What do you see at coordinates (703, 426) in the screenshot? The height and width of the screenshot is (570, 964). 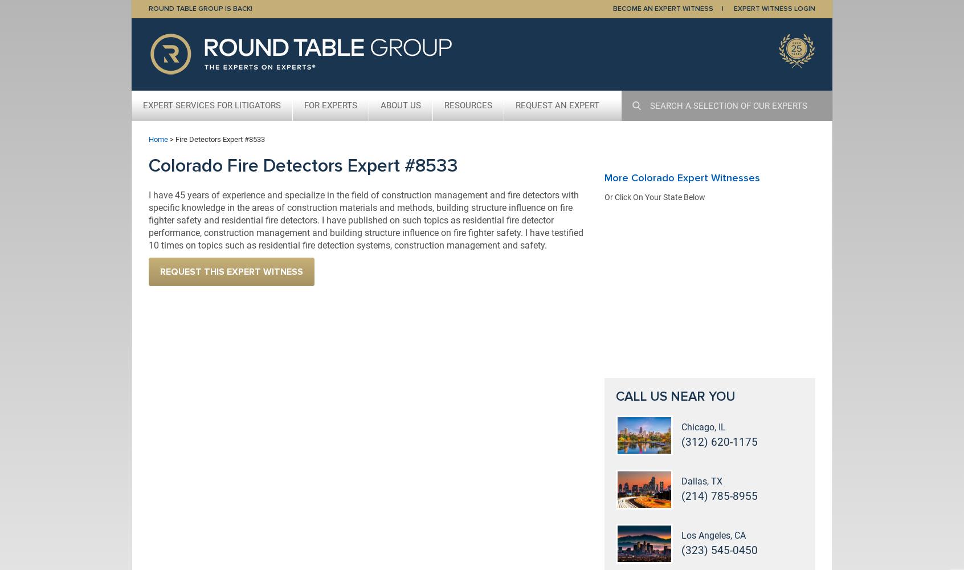 I see `'Chicago, IL'` at bounding box center [703, 426].